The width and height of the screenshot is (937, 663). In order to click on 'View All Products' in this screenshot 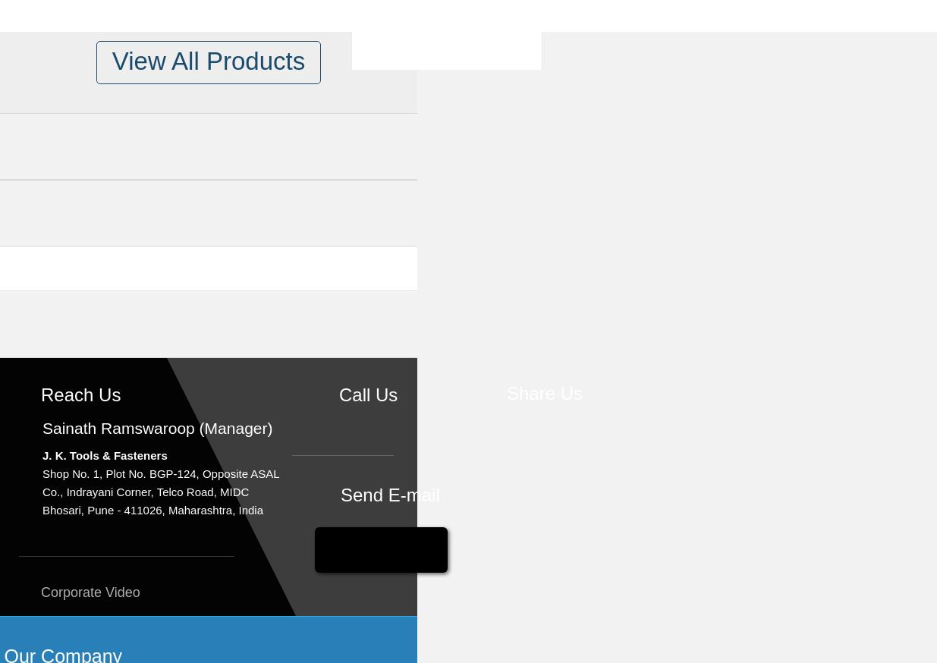, I will do `click(208, 61)`.